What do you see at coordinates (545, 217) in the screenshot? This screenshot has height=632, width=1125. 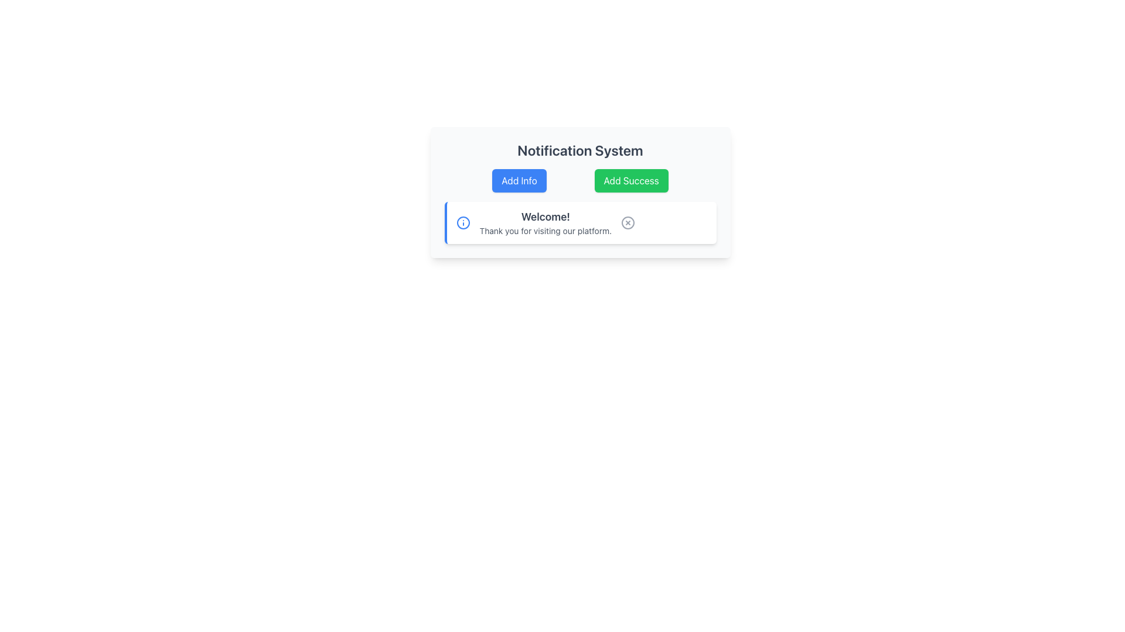 I see `the bolded text 'Welcome!' styled in a large dark gray font within the notification card of the Notification System panel` at bounding box center [545, 217].